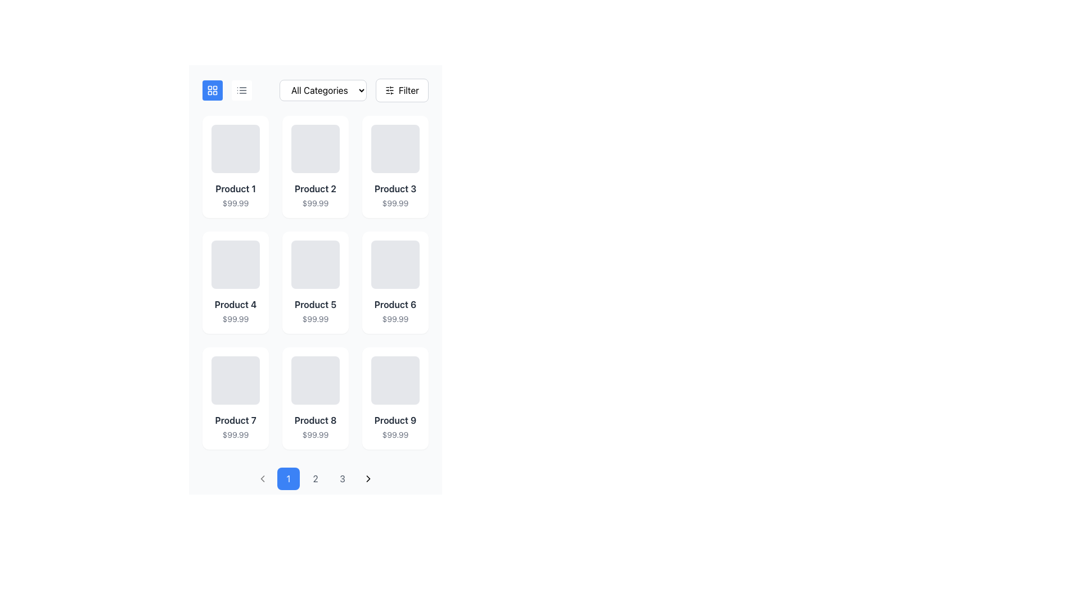 This screenshot has height=607, width=1080. I want to click on text displayed in the Text label showing the price of 'Product 6', located at the bottom-center of the sixth product card, so click(395, 319).